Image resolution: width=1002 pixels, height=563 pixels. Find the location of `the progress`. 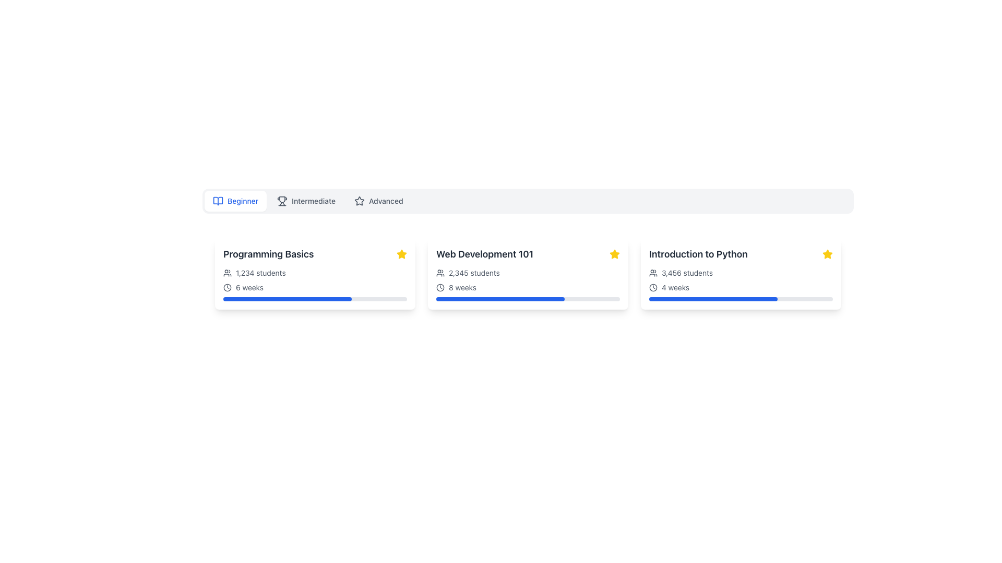

the progress is located at coordinates (302, 299).